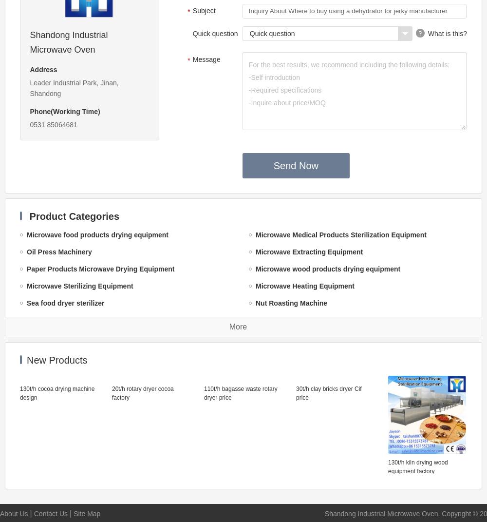 The width and height of the screenshot is (487, 522). I want to click on 'Send Now', so click(295, 165).